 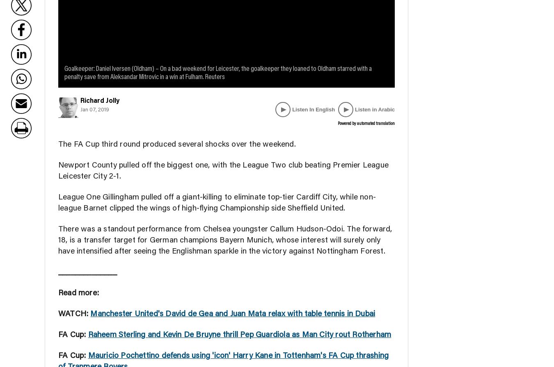 What do you see at coordinates (201, 14) in the screenshot?
I see `'Opinion'` at bounding box center [201, 14].